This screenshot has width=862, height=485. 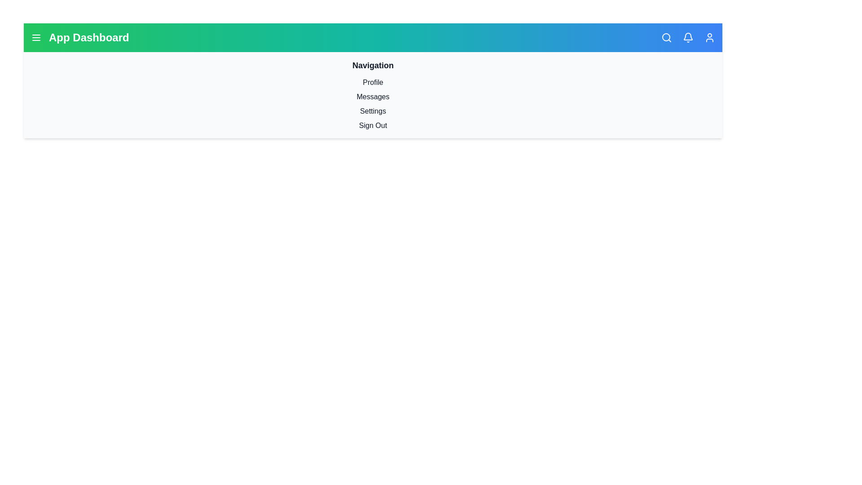 I want to click on the menu item Profile to observe its hover effect, so click(x=373, y=83).